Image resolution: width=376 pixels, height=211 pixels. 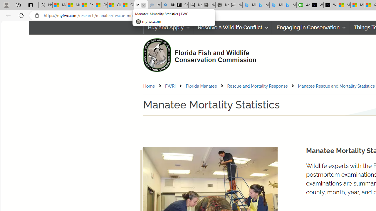 What do you see at coordinates (7, 15) in the screenshot?
I see `'Back'` at bounding box center [7, 15].